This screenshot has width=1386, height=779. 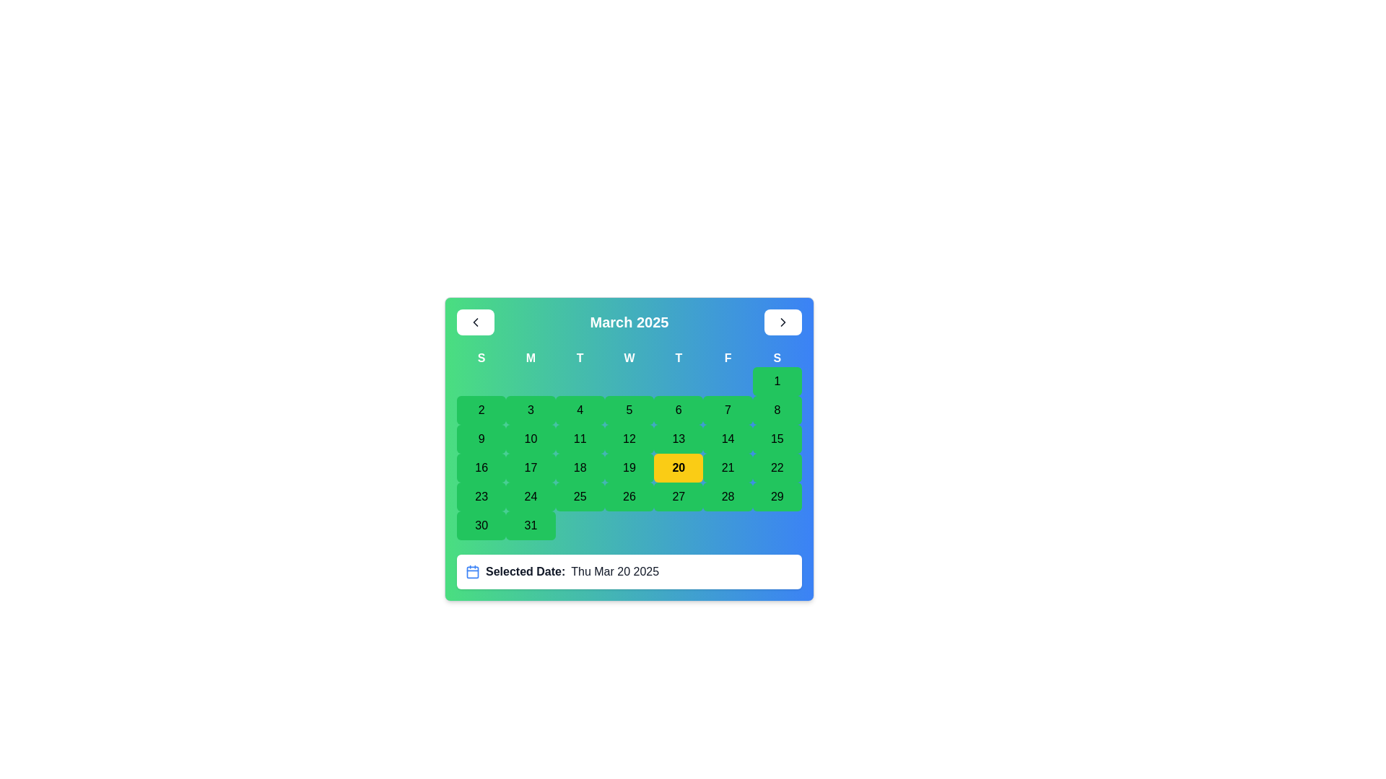 I want to click on the clickable date button in the calendar interface that represents the date '14', so click(x=728, y=439).